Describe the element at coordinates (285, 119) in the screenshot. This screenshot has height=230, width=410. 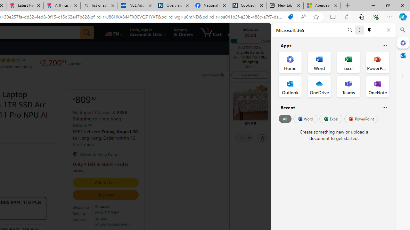
I see `'All'` at that location.